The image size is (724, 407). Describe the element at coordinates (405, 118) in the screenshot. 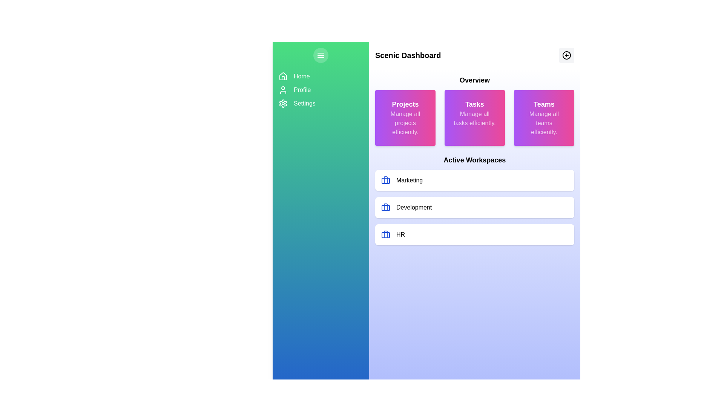

I see `the first Informational Card in the grid, which provides an overview of project management functionality and is positioned to the left of the 'Tasks' card` at that location.